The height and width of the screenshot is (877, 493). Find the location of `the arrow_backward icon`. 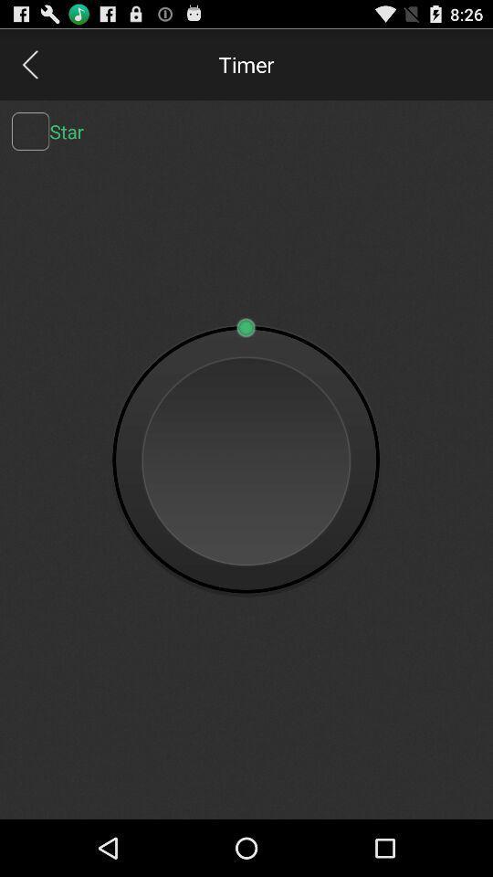

the arrow_backward icon is located at coordinates (28, 69).